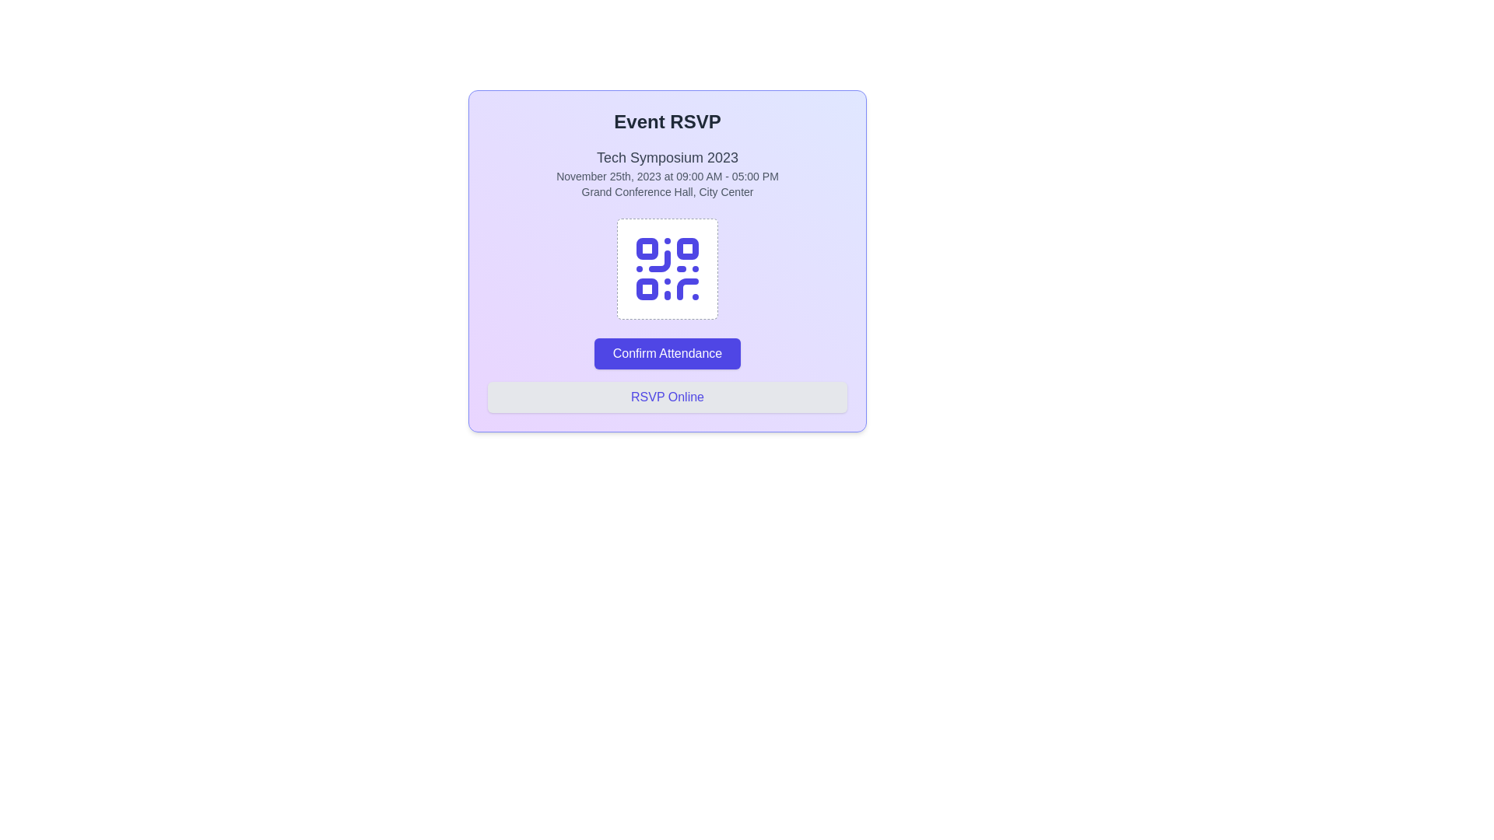  Describe the element at coordinates (686, 248) in the screenshot. I see `the tiny square with rounded corners located in the top-right corner of the QR code, which is the second square from the top-left within the QR code pattern` at that location.